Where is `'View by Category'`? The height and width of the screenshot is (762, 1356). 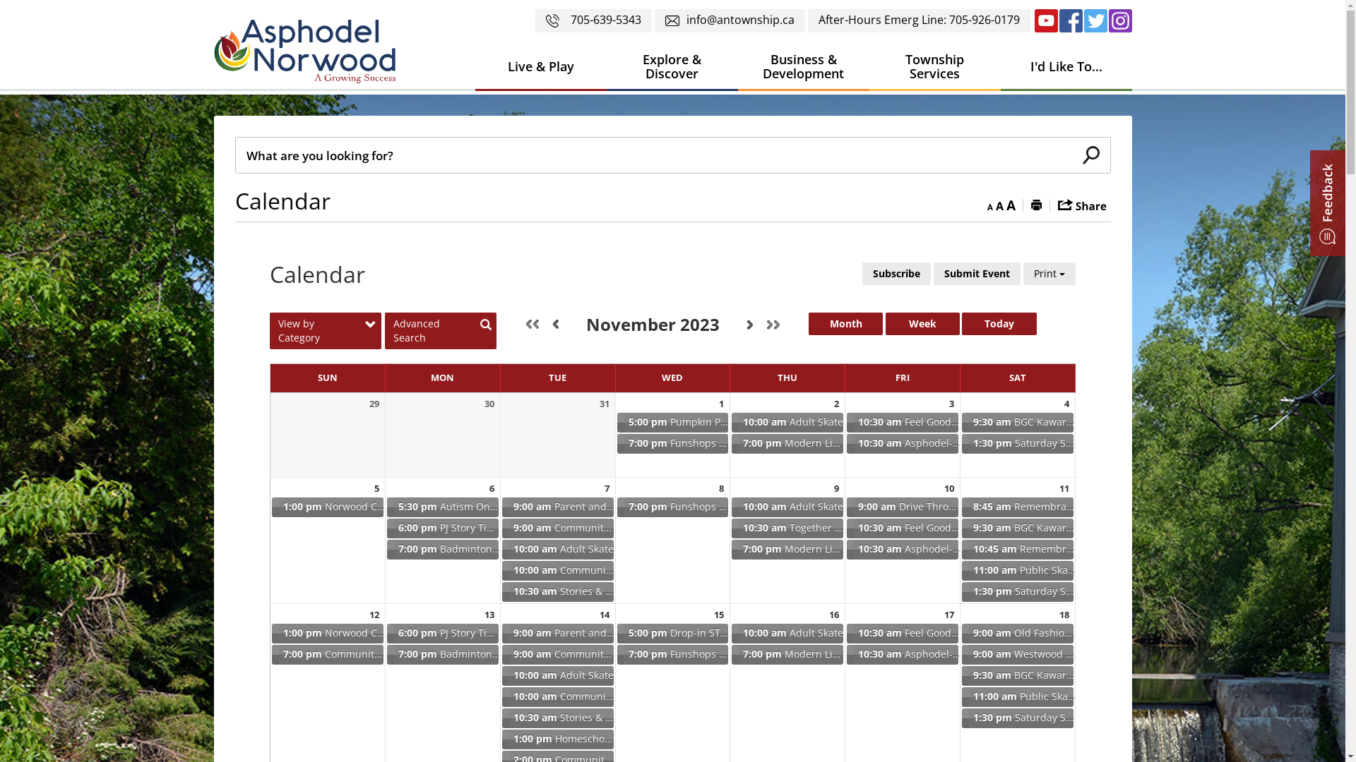
'View by Category' is located at coordinates (324, 331).